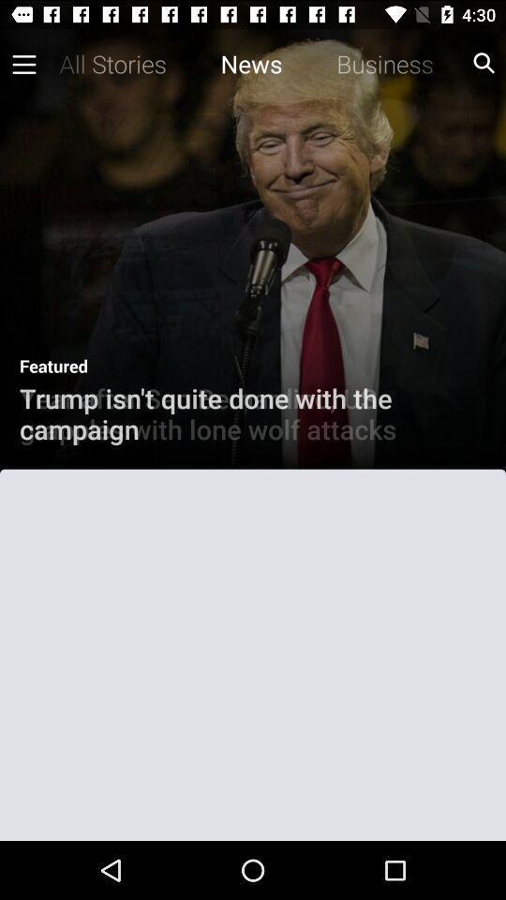 This screenshot has height=900, width=506. I want to click on the menu icon, so click(21, 68).